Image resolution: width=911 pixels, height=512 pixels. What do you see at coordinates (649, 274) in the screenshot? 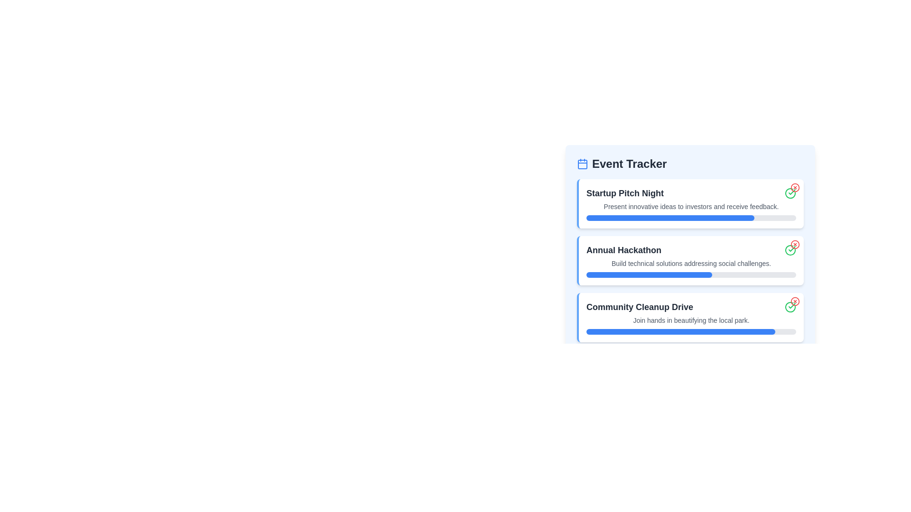
I see `the progress indication represented by the blue, horizontally elongated bar with rounded edges located under the 'Annual Hackathon' event in the 'Event Tracker' section` at bounding box center [649, 274].